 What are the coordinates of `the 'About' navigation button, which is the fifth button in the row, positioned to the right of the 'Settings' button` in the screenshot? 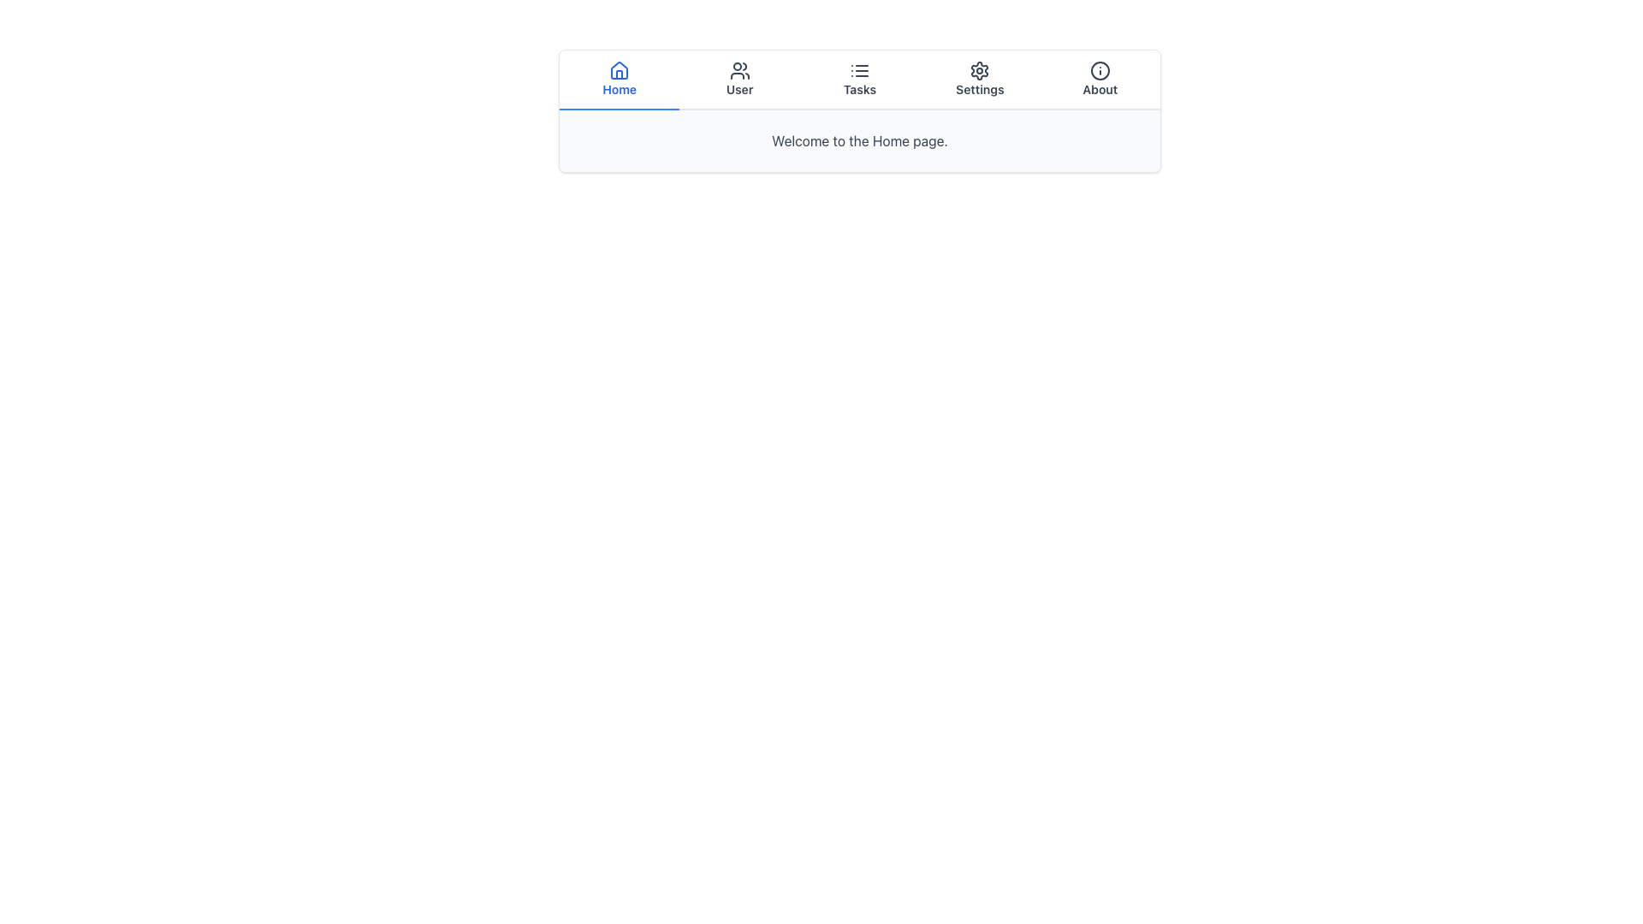 It's located at (1100, 80).